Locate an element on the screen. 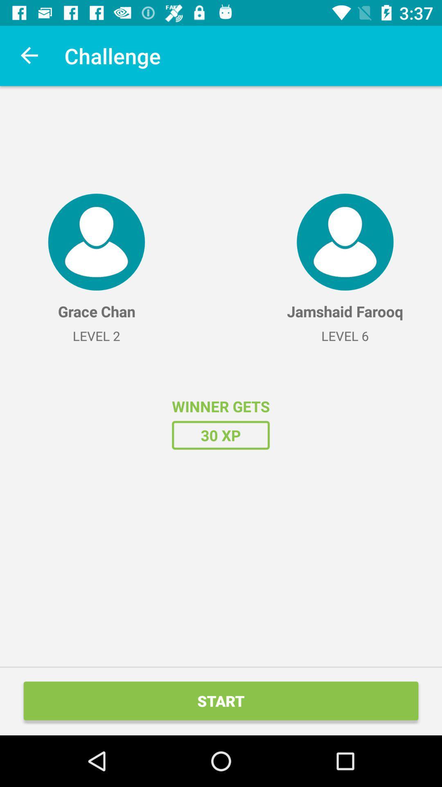 The height and width of the screenshot is (787, 442). the item above the grace chan is located at coordinates (96, 241).